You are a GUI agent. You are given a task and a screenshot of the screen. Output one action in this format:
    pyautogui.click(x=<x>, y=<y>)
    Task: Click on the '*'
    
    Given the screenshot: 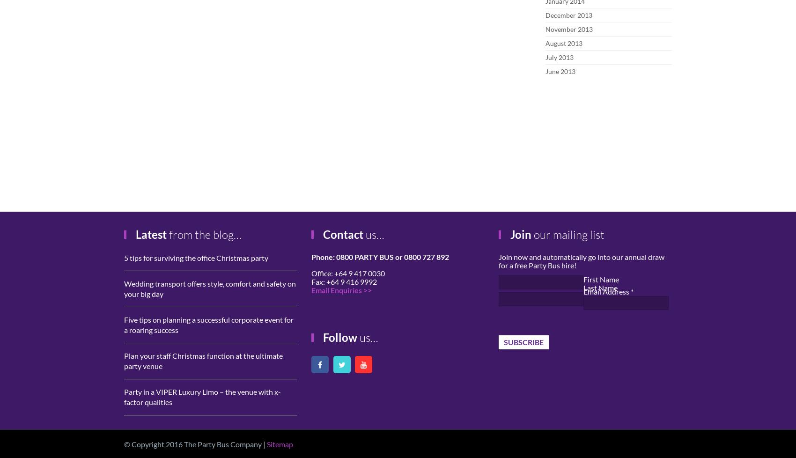 What is the action you would take?
    pyautogui.click(x=632, y=291)
    